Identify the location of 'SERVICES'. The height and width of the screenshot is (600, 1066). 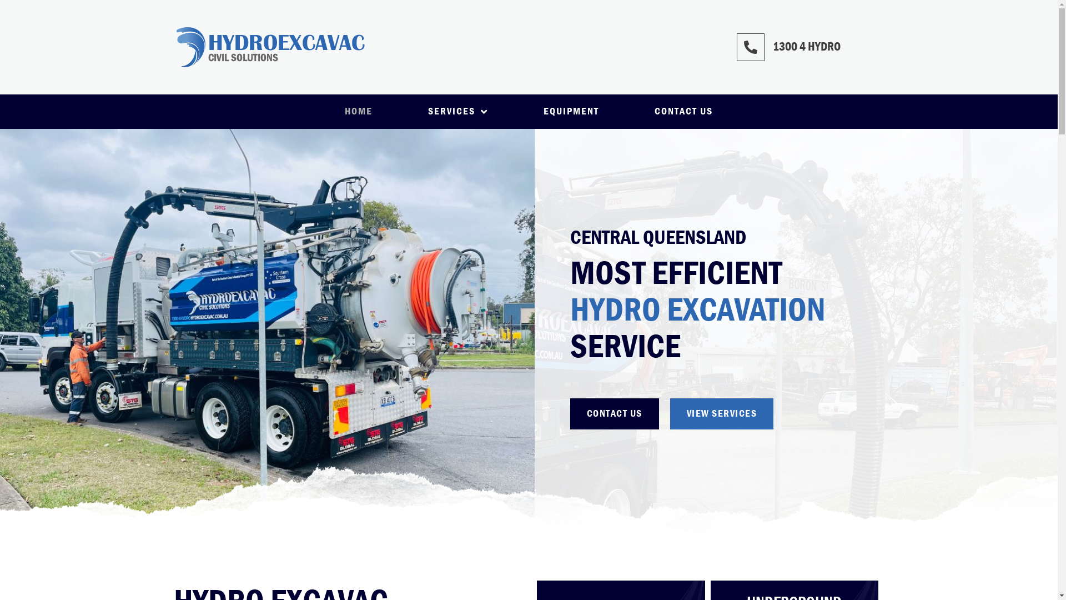
(400, 111).